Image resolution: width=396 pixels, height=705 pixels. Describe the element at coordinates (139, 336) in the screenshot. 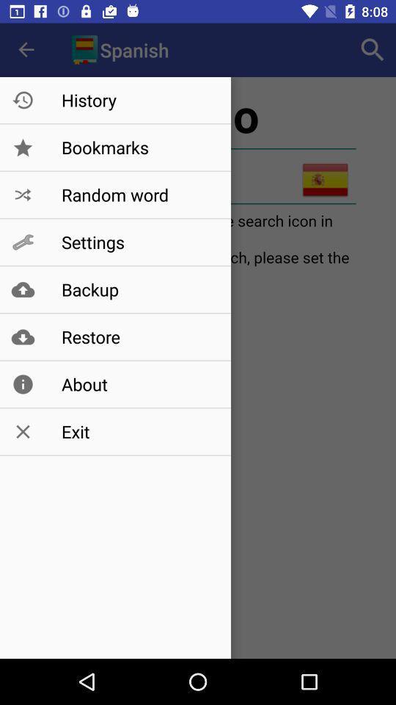

I see `restore icon` at that location.